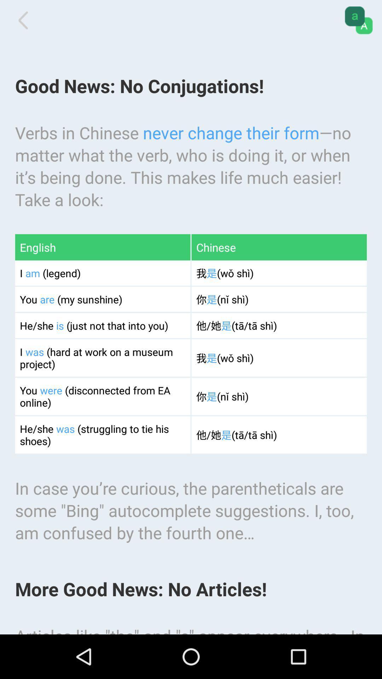 Image resolution: width=382 pixels, height=679 pixels. Describe the element at coordinates (359, 22) in the screenshot. I see `the font icon` at that location.